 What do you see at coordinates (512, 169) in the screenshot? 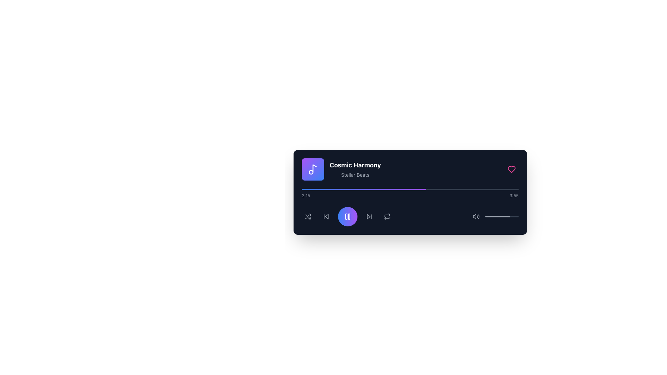
I see `the outlined heart icon with a pink stroke color located at the top-right corner of the dark-themed media player UI` at bounding box center [512, 169].